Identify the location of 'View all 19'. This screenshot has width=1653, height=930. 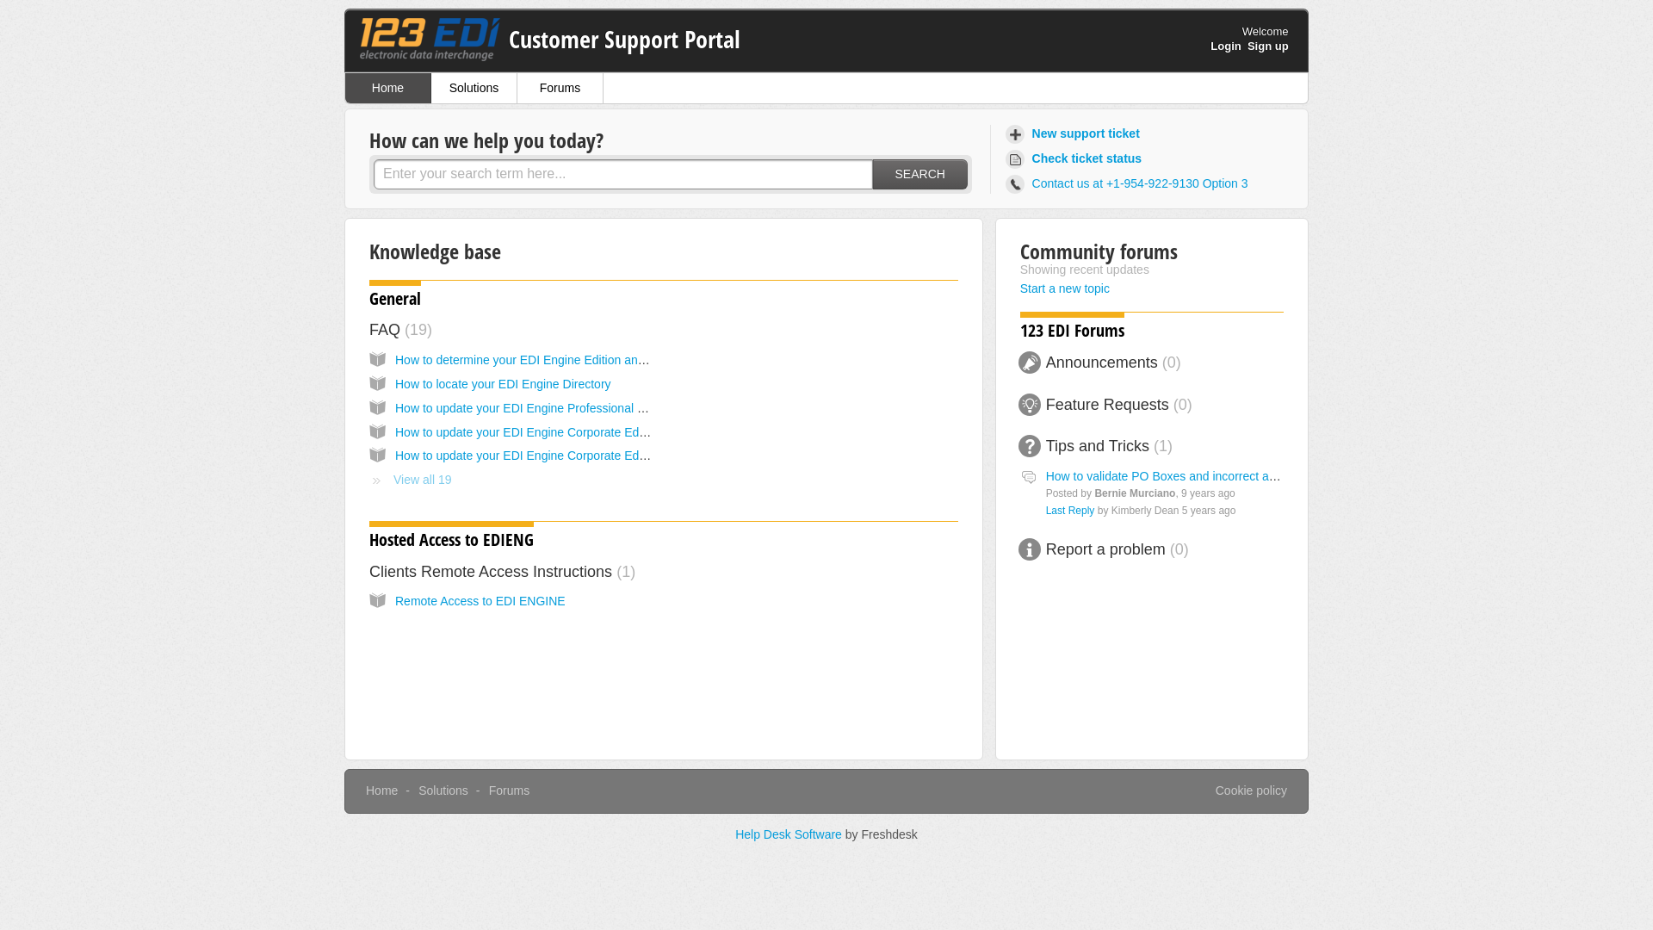
(368, 479).